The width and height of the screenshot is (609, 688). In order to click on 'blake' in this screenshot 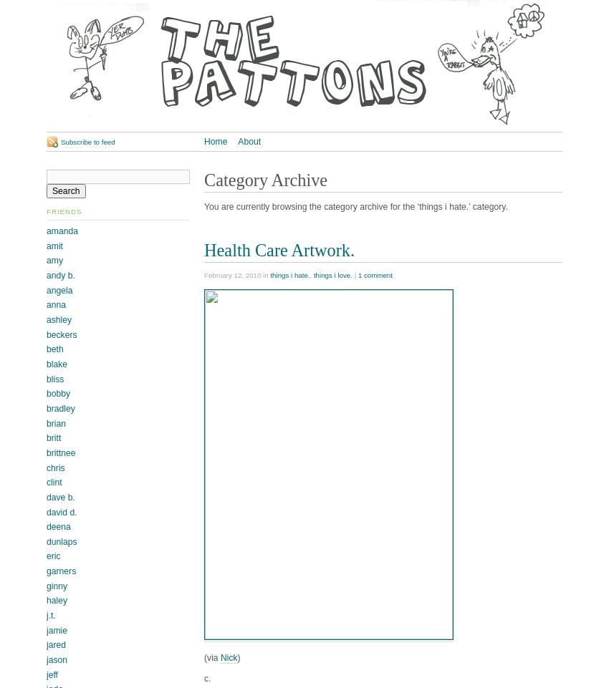, I will do `click(57, 363)`.